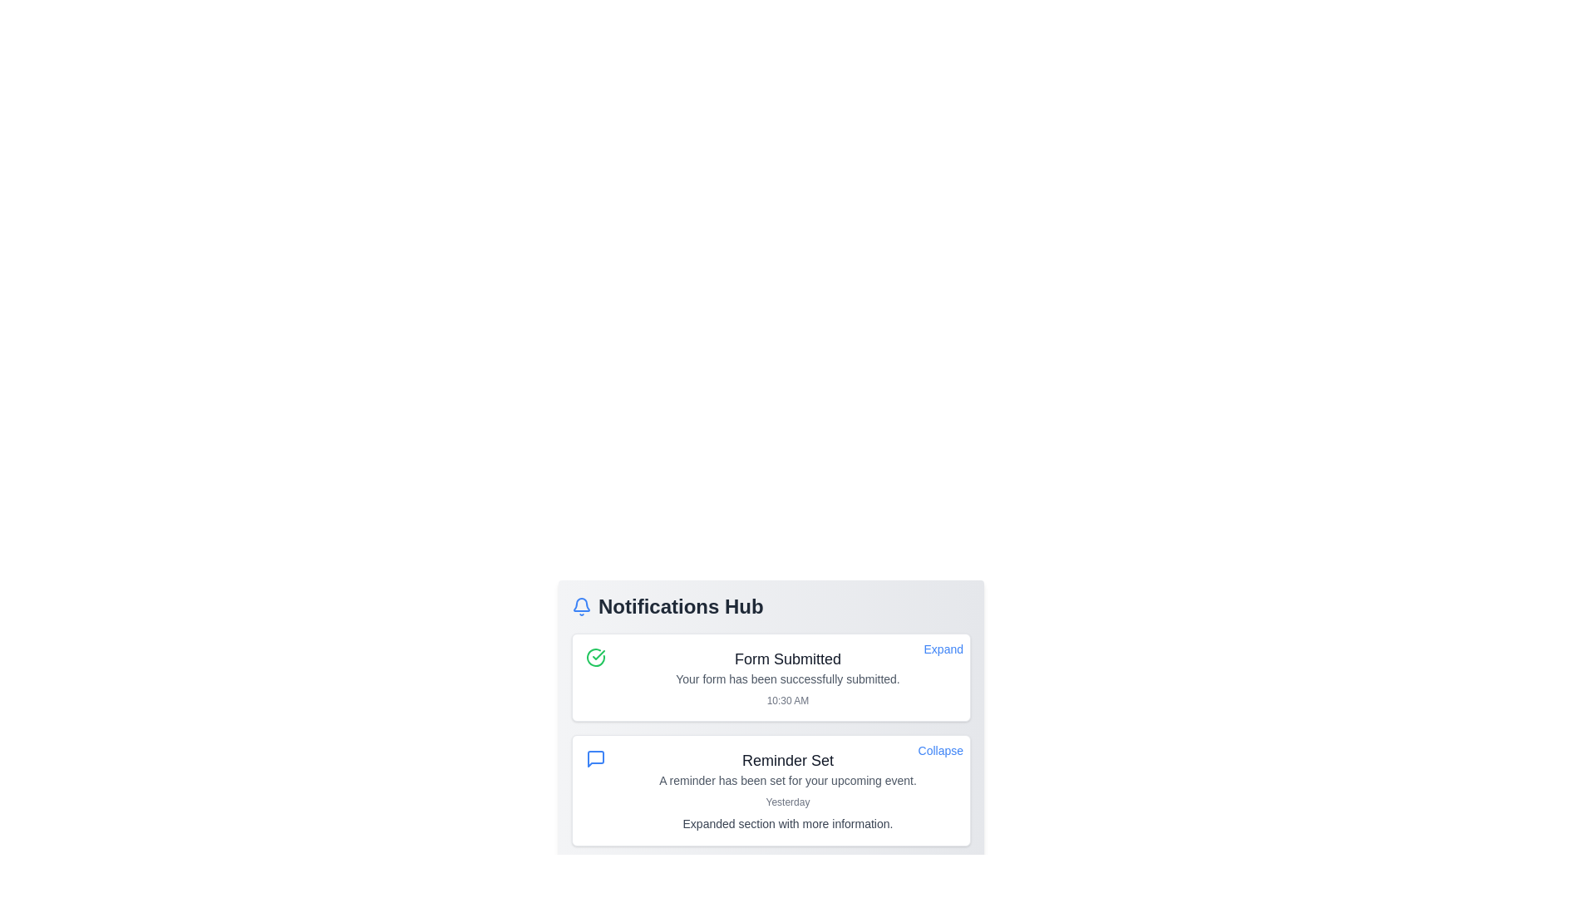  What do you see at coordinates (582, 604) in the screenshot?
I see `the main body of the notification bell icon located in the top-left corner of the 'Notifications Hub' card` at bounding box center [582, 604].